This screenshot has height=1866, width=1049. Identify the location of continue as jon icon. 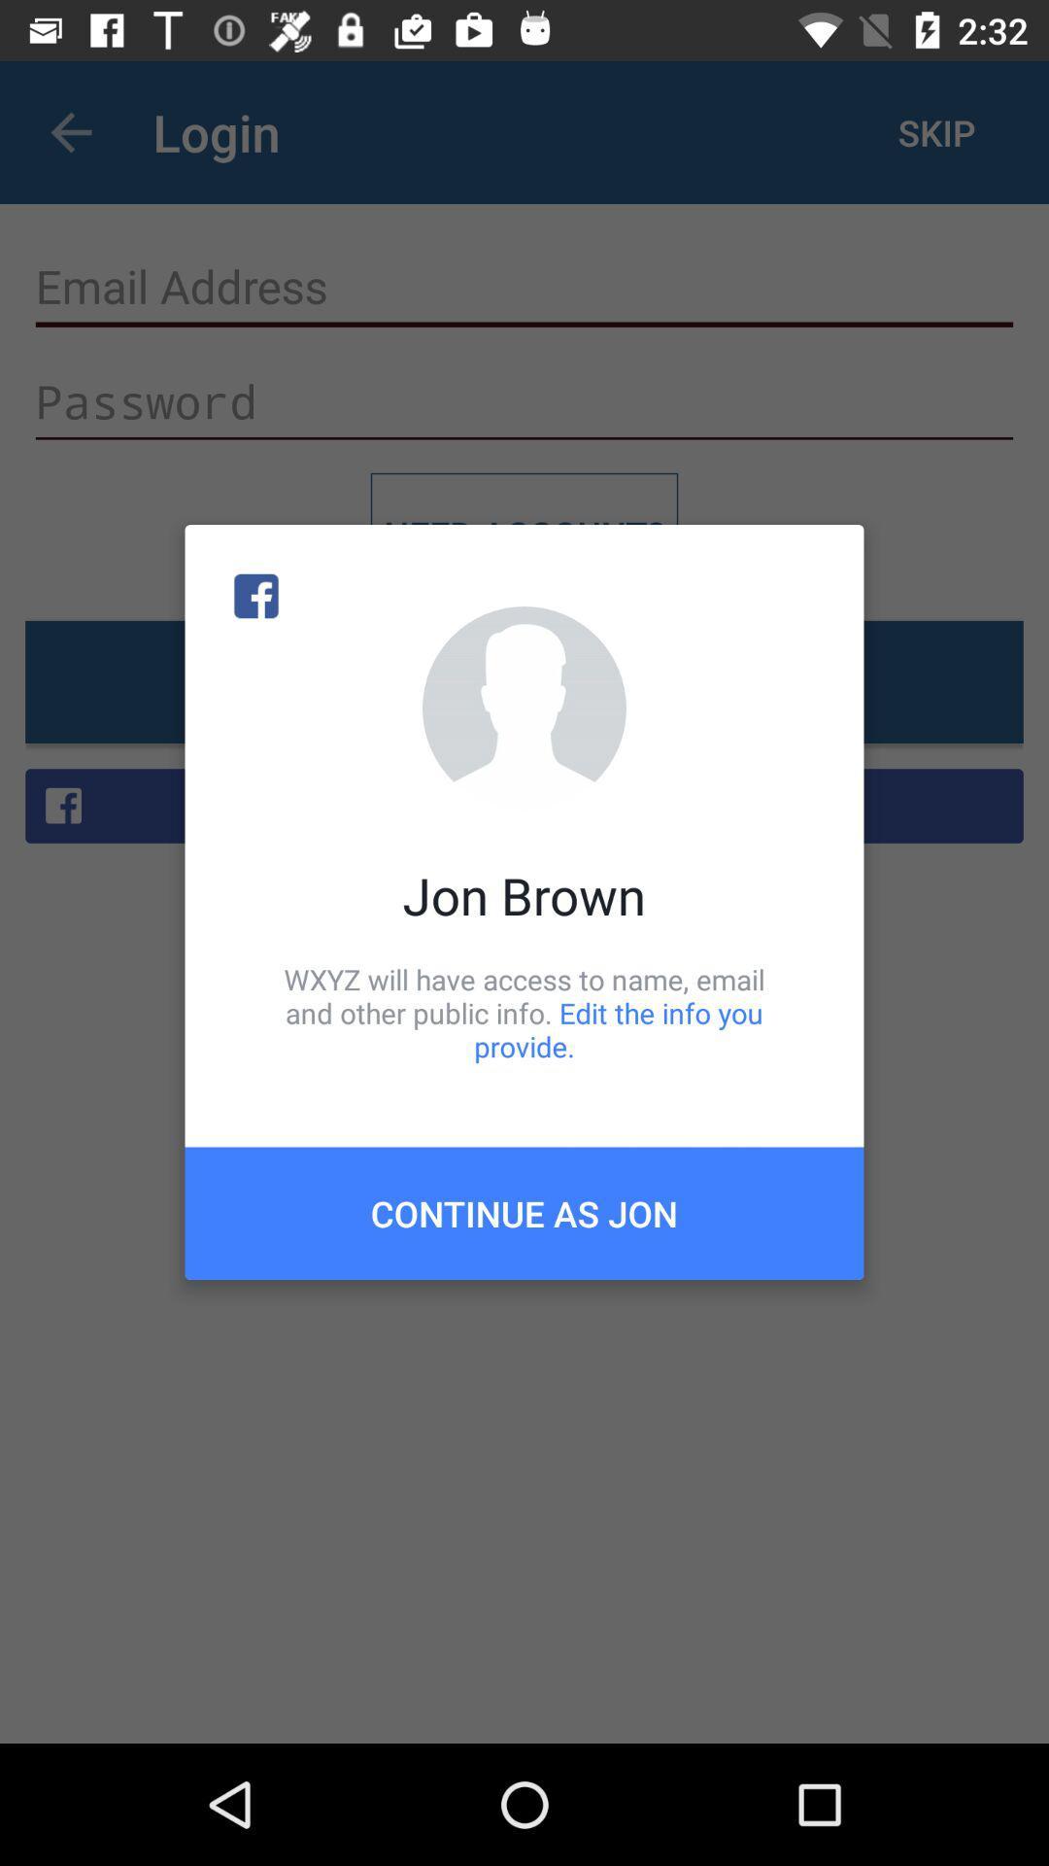
(524, 1212).